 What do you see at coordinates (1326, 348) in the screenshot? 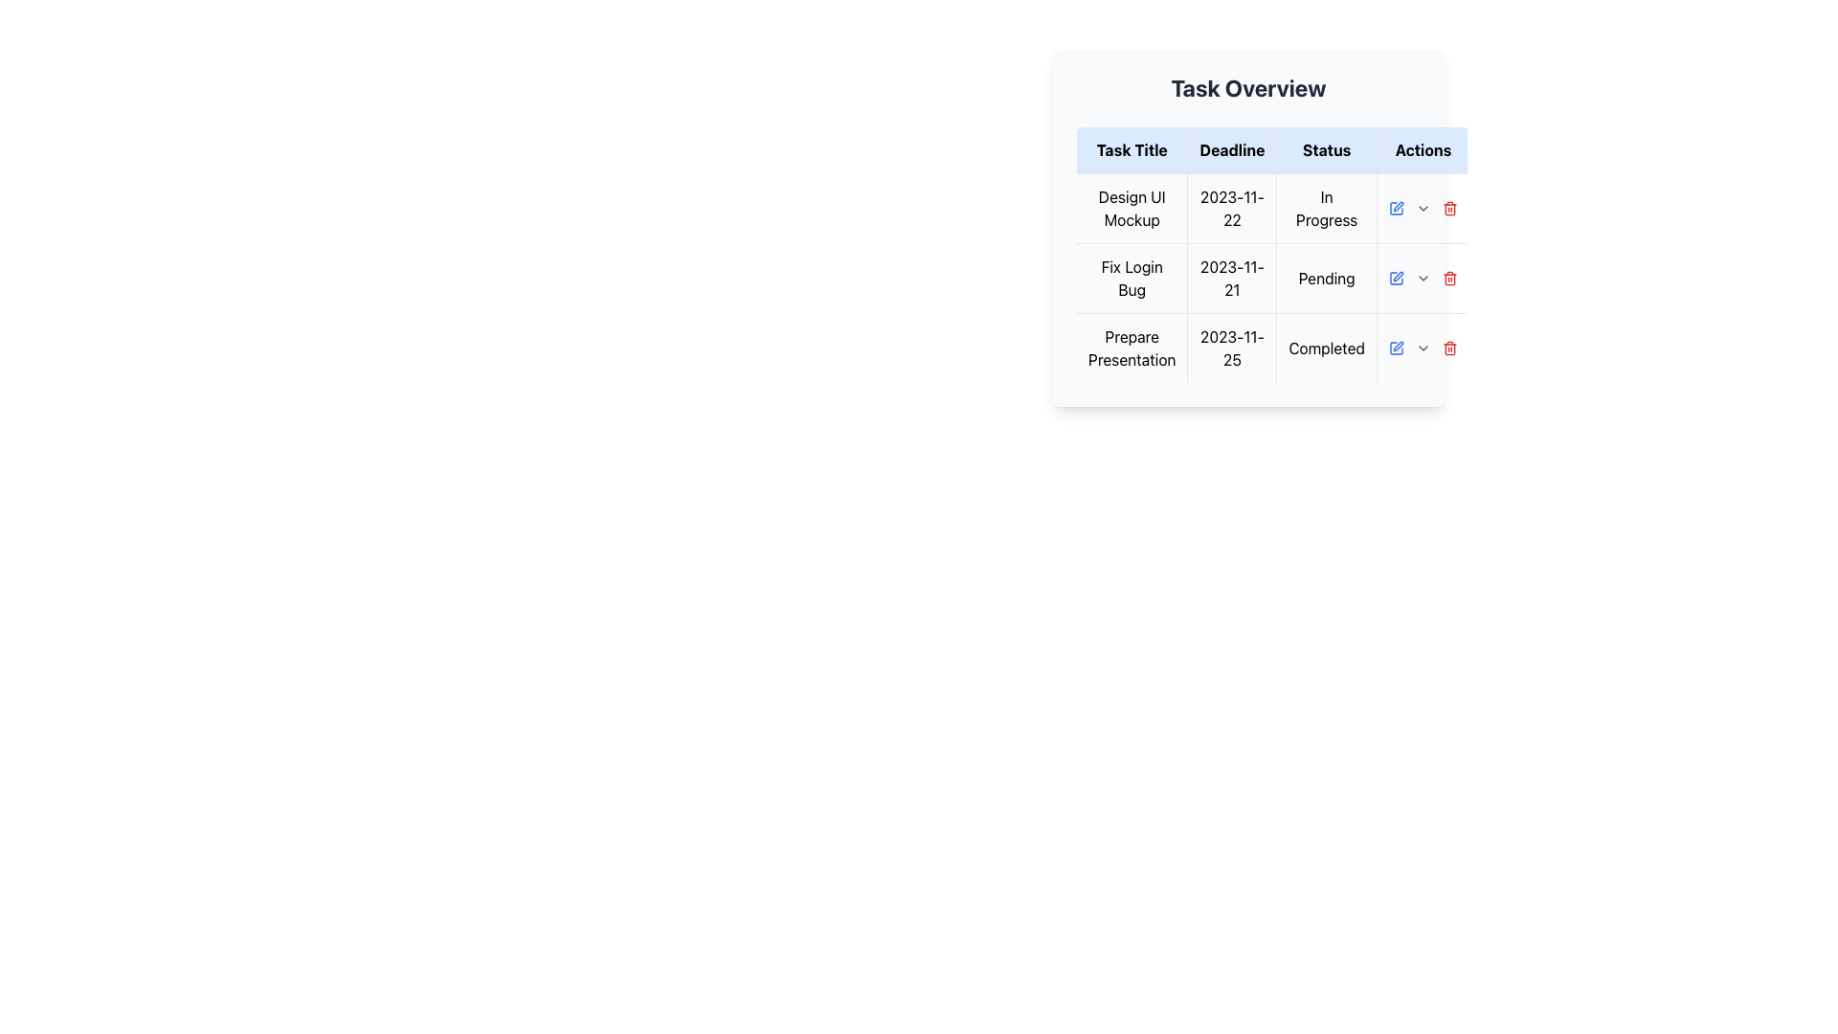
I see `the table cell in the 'Status' column that contains the text 'Completed,' which is located in the third row corresponding to the task 'Prepare Presentation.'` at bounding box center [1326, 348].